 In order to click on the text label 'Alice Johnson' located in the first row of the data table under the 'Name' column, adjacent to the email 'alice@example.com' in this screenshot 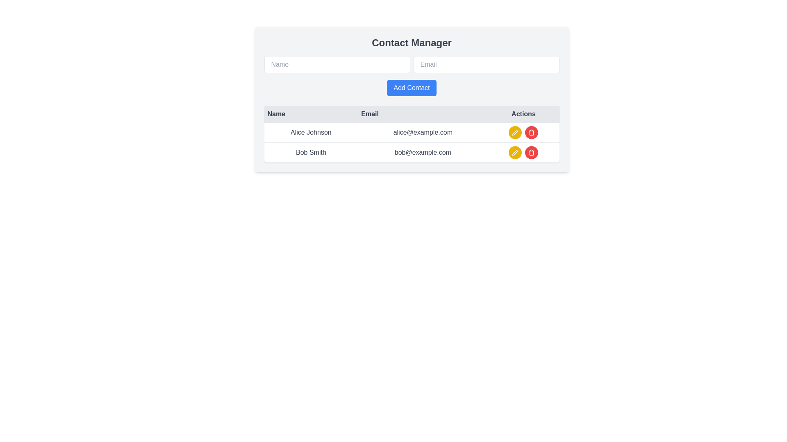, I will do `click(310, 132)`.